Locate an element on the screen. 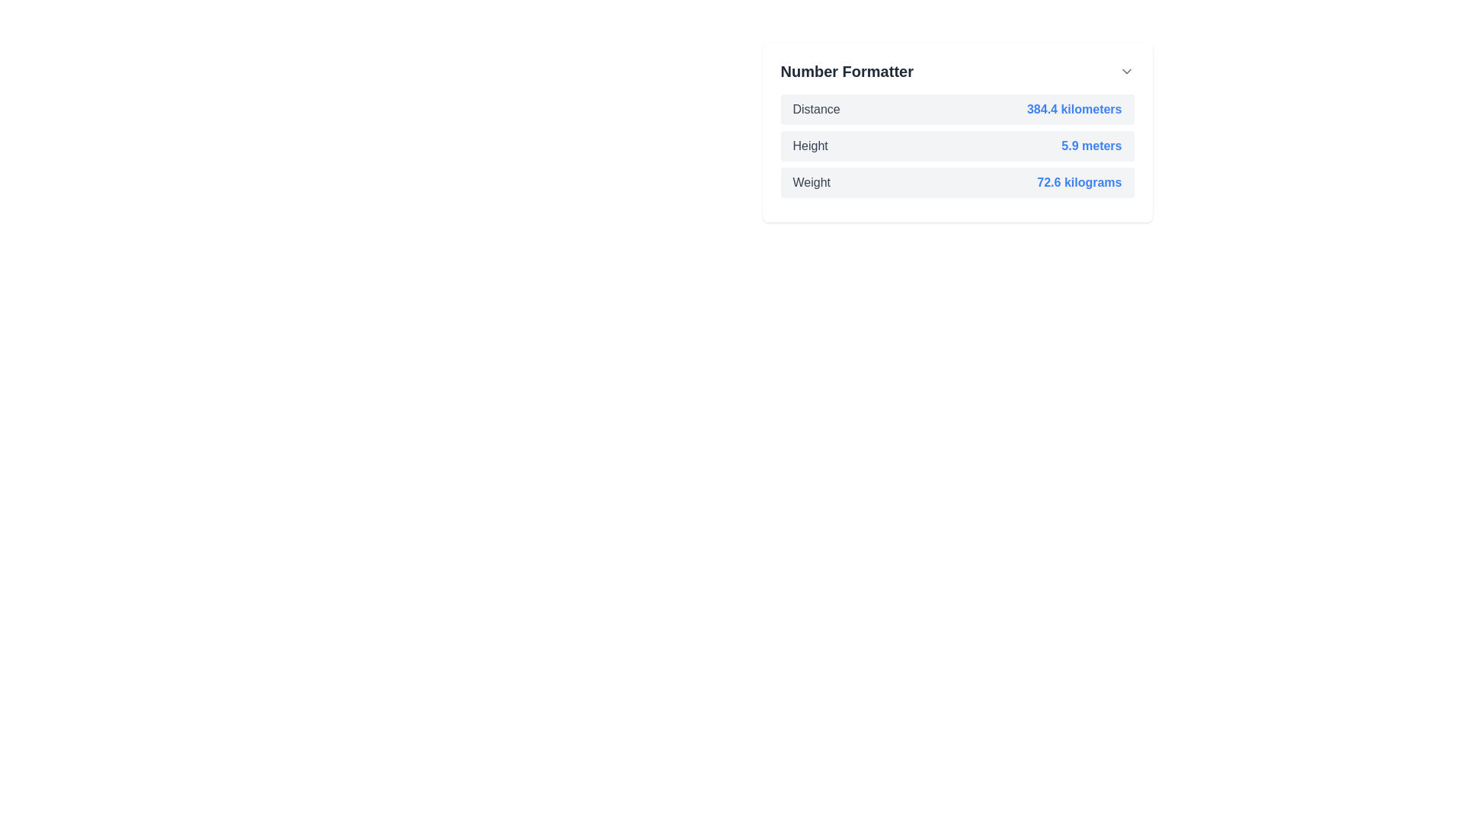 The image size is (1463, 823). the 'Weight' text label that indicates the type of measurement displayed to its right, which is '72.6 kilograms' is located at coordinates (811, 181).